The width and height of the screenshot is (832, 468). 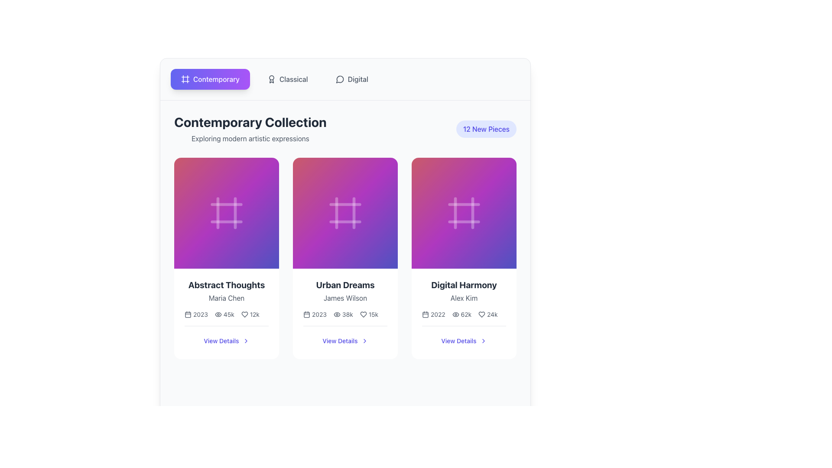 I want to click on the visibility icon located to the left of the '38k' text in the 'Urban Dreams' card in the middle column, so click(x=336, y=314).